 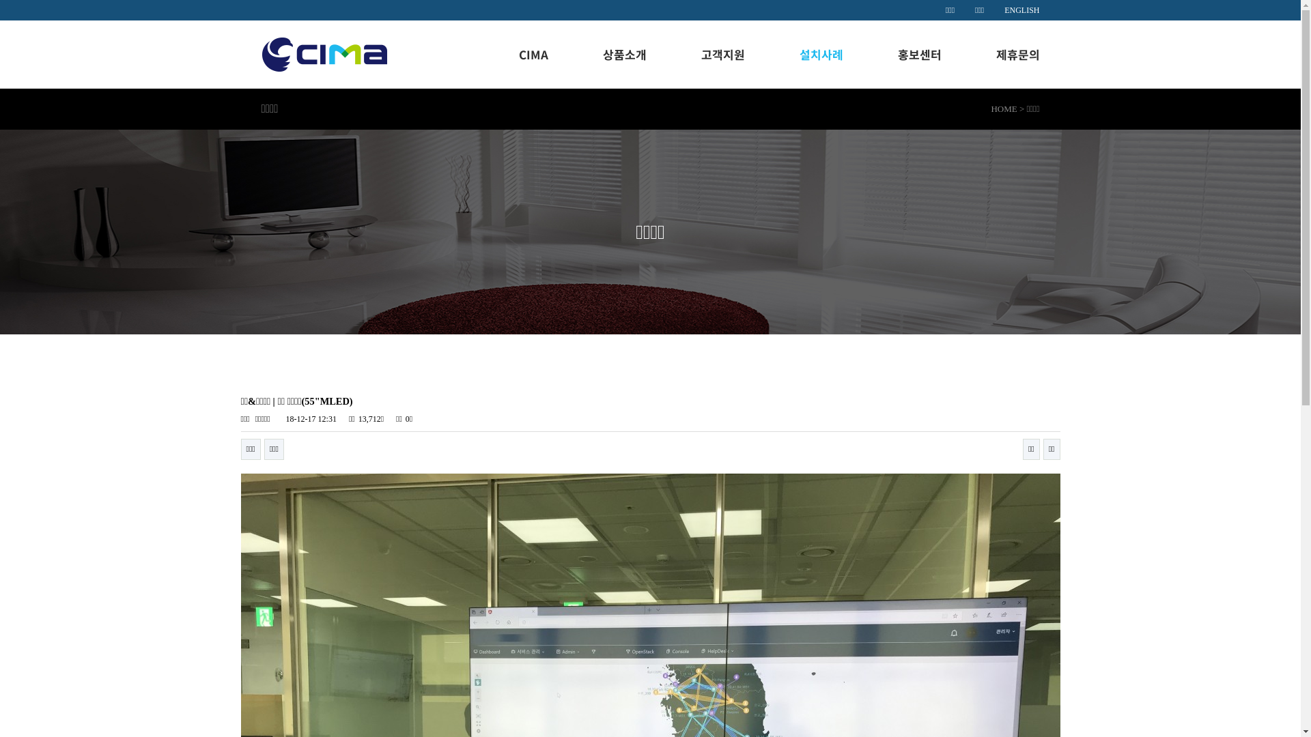 What do you see at coordinates (1021, 10) in the screenshot?
I see `'ENGLISH'` at bounding box center [1021, 10].